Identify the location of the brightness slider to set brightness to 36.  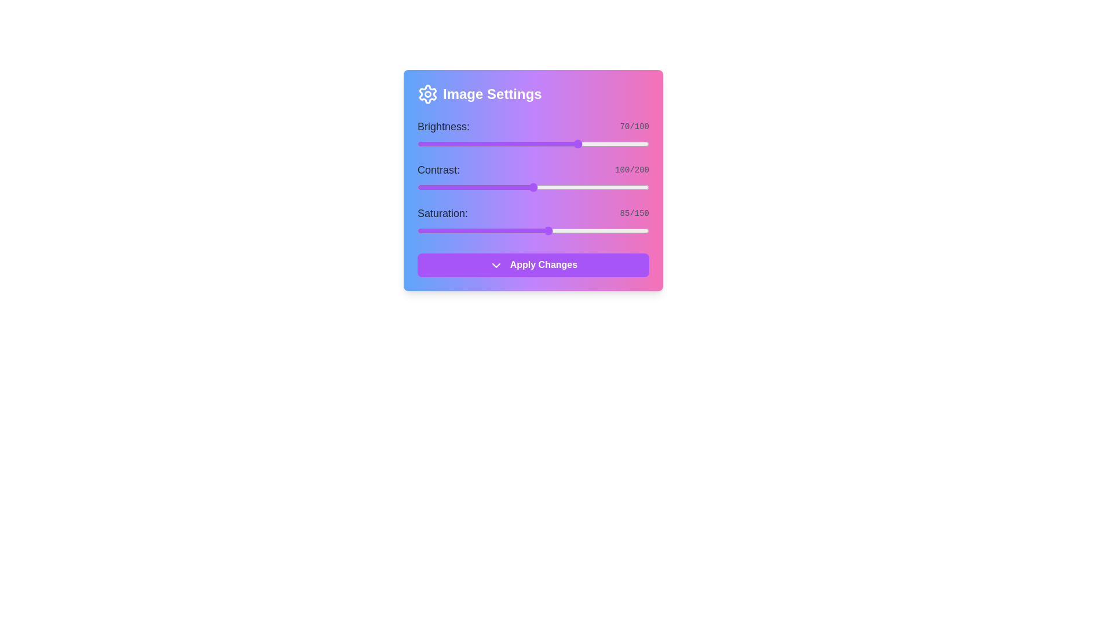
(500, 144).